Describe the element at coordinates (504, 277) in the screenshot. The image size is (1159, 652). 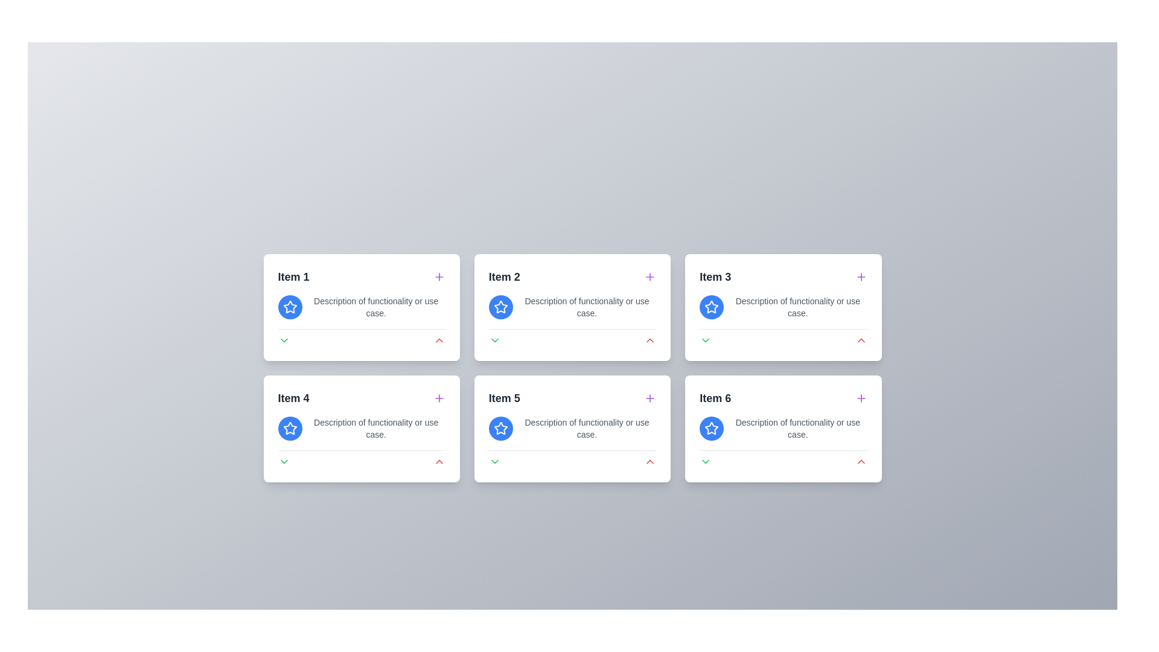
I see `the text label representing the title or category of the card located in the first row, second cell of a 3x2 grid layout` at that location.